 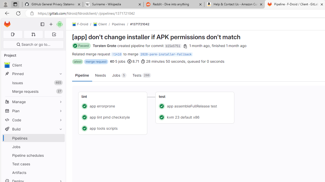 I want to click on 'Test cases', so click(x=33, y=164).